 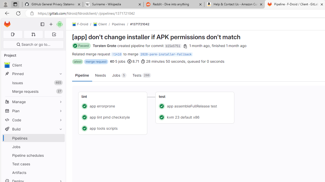 I want to click on 'Test cases', so click(x=33, y=164).